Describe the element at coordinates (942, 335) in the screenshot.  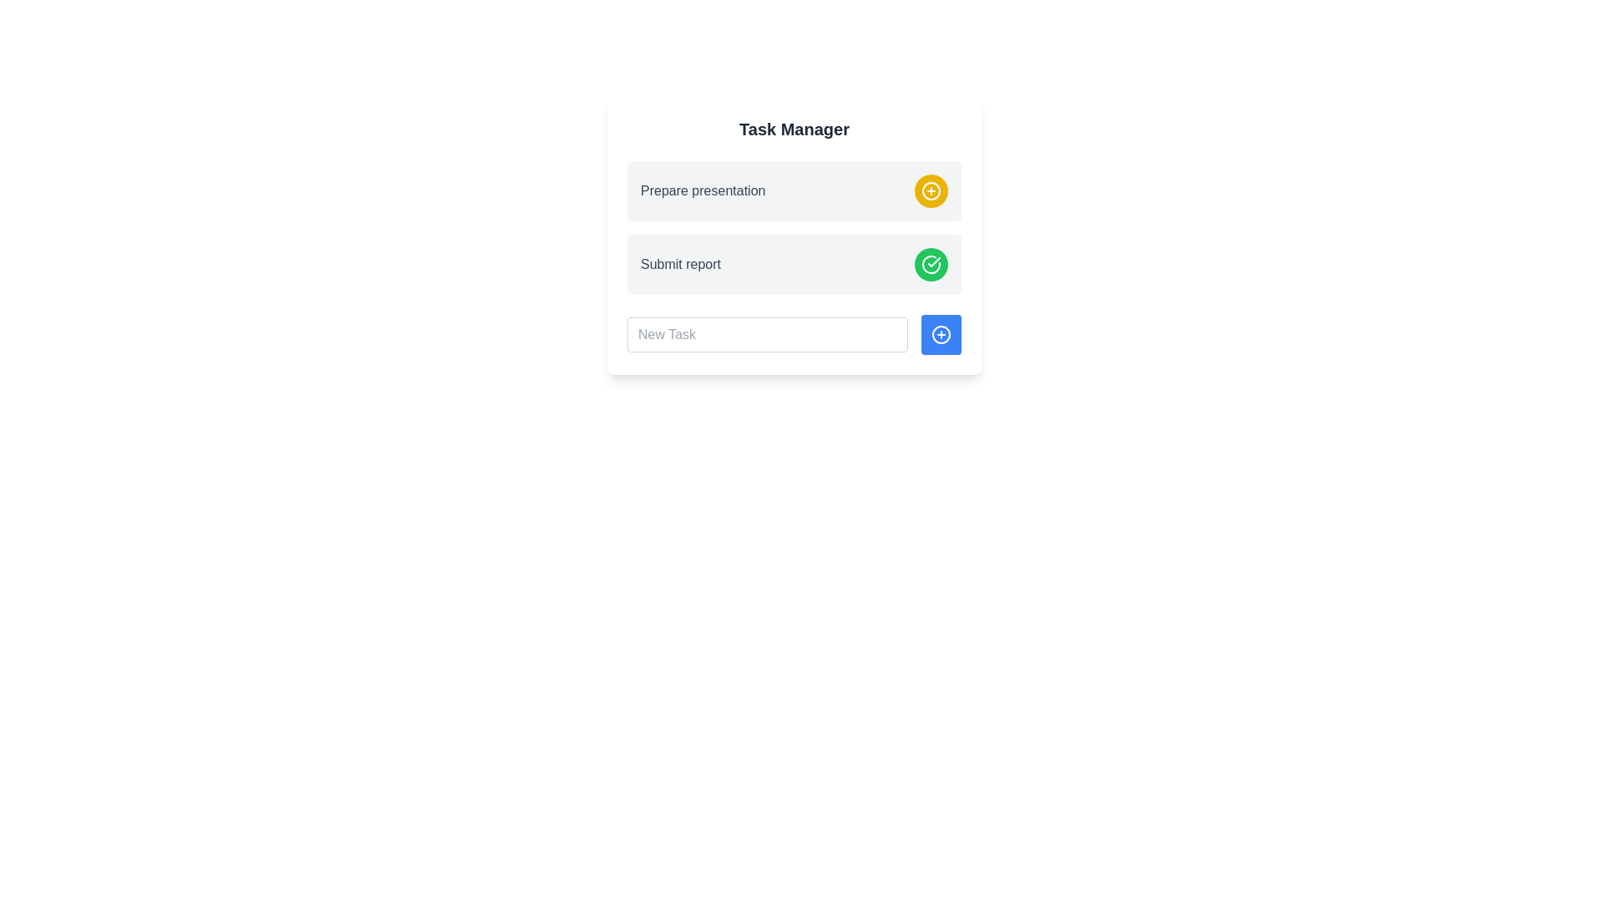
I see `the graphical icon component` at that location.